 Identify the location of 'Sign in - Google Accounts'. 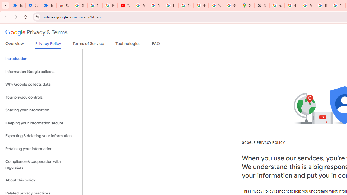
(323, 5).